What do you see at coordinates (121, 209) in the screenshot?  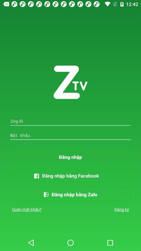 I see `icon at the bottom right corner` at bounding box center [121, 209].